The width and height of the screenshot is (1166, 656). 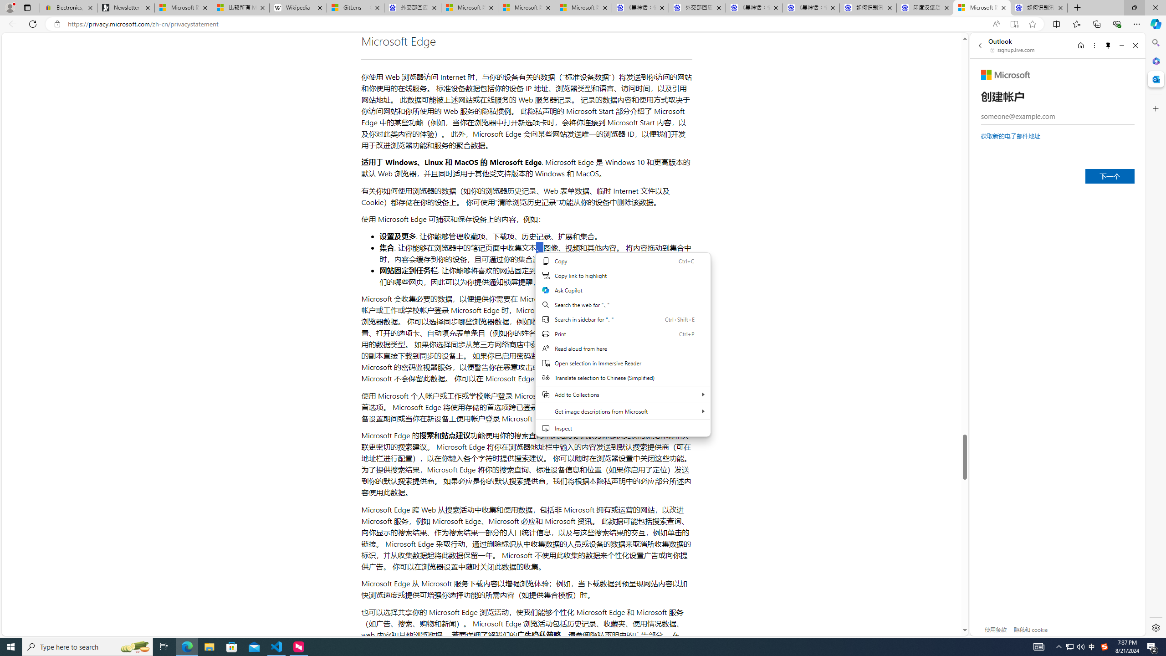 What do you see at coordinates (622, 428) in the screenshot?
I see `'Inspect'` at bounding box center [622, 428].